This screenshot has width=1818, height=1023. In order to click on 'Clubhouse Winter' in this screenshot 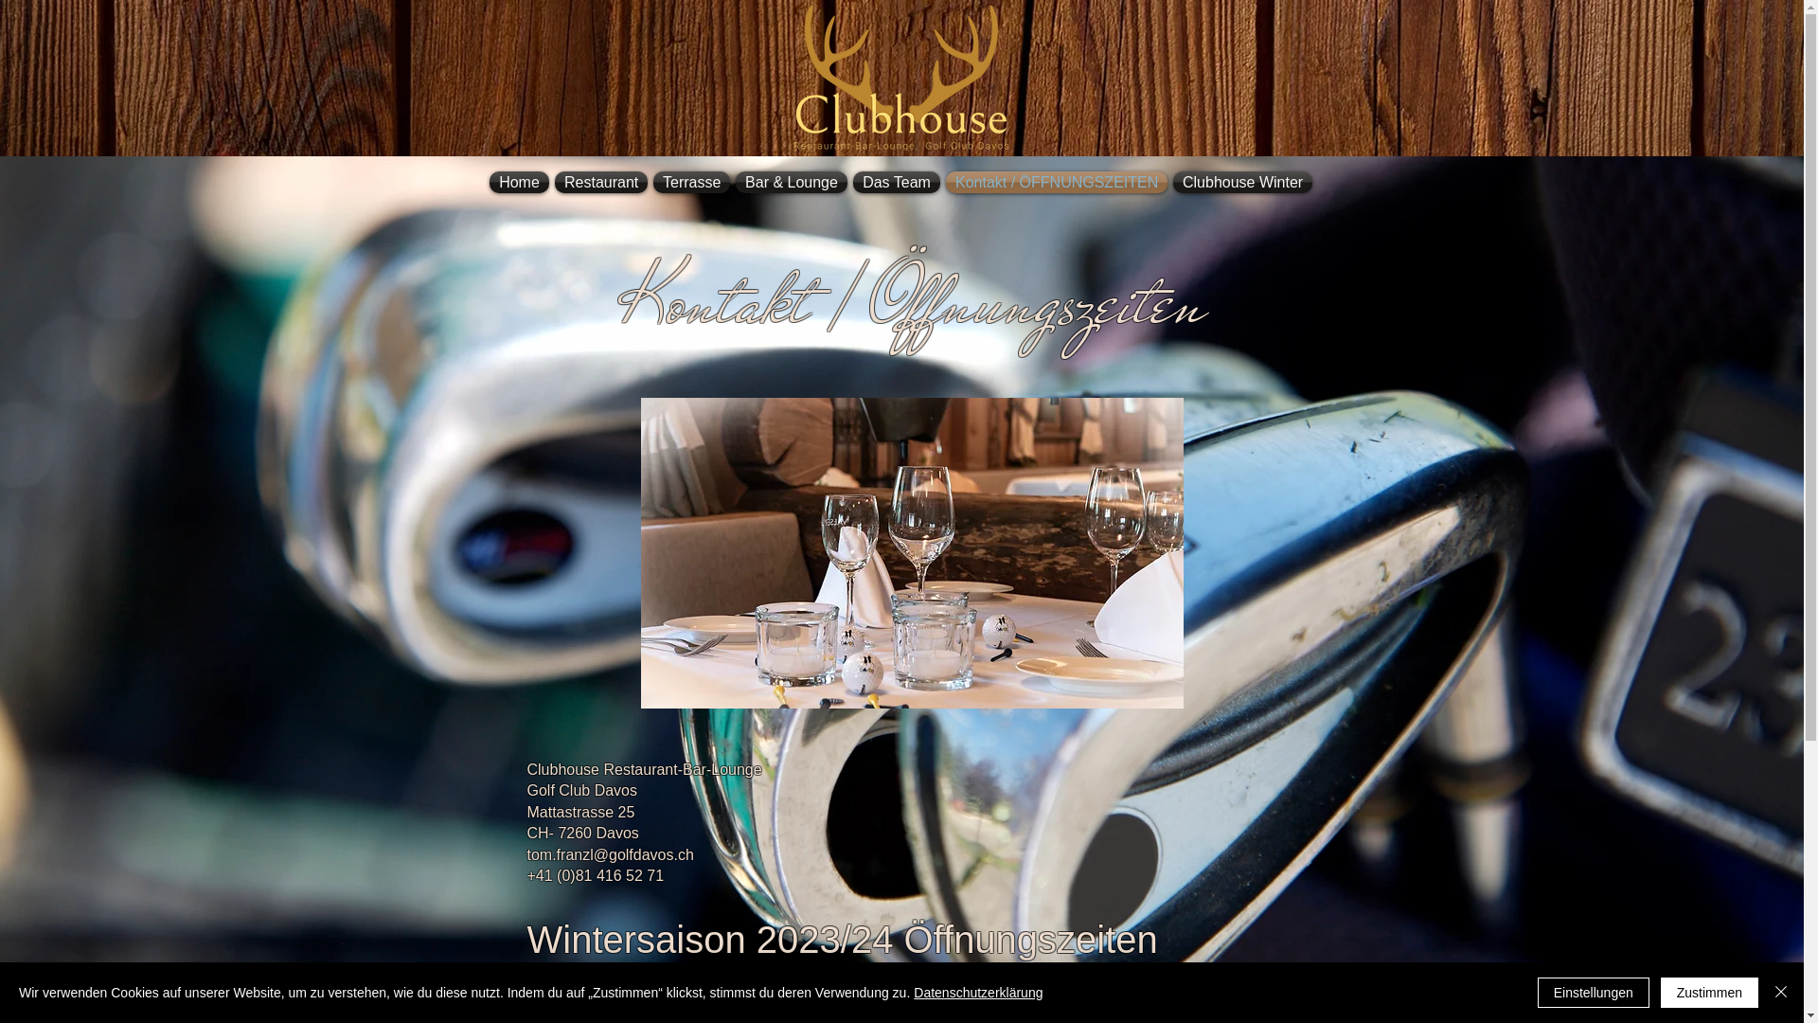, I will do `click(1242, 182)`.